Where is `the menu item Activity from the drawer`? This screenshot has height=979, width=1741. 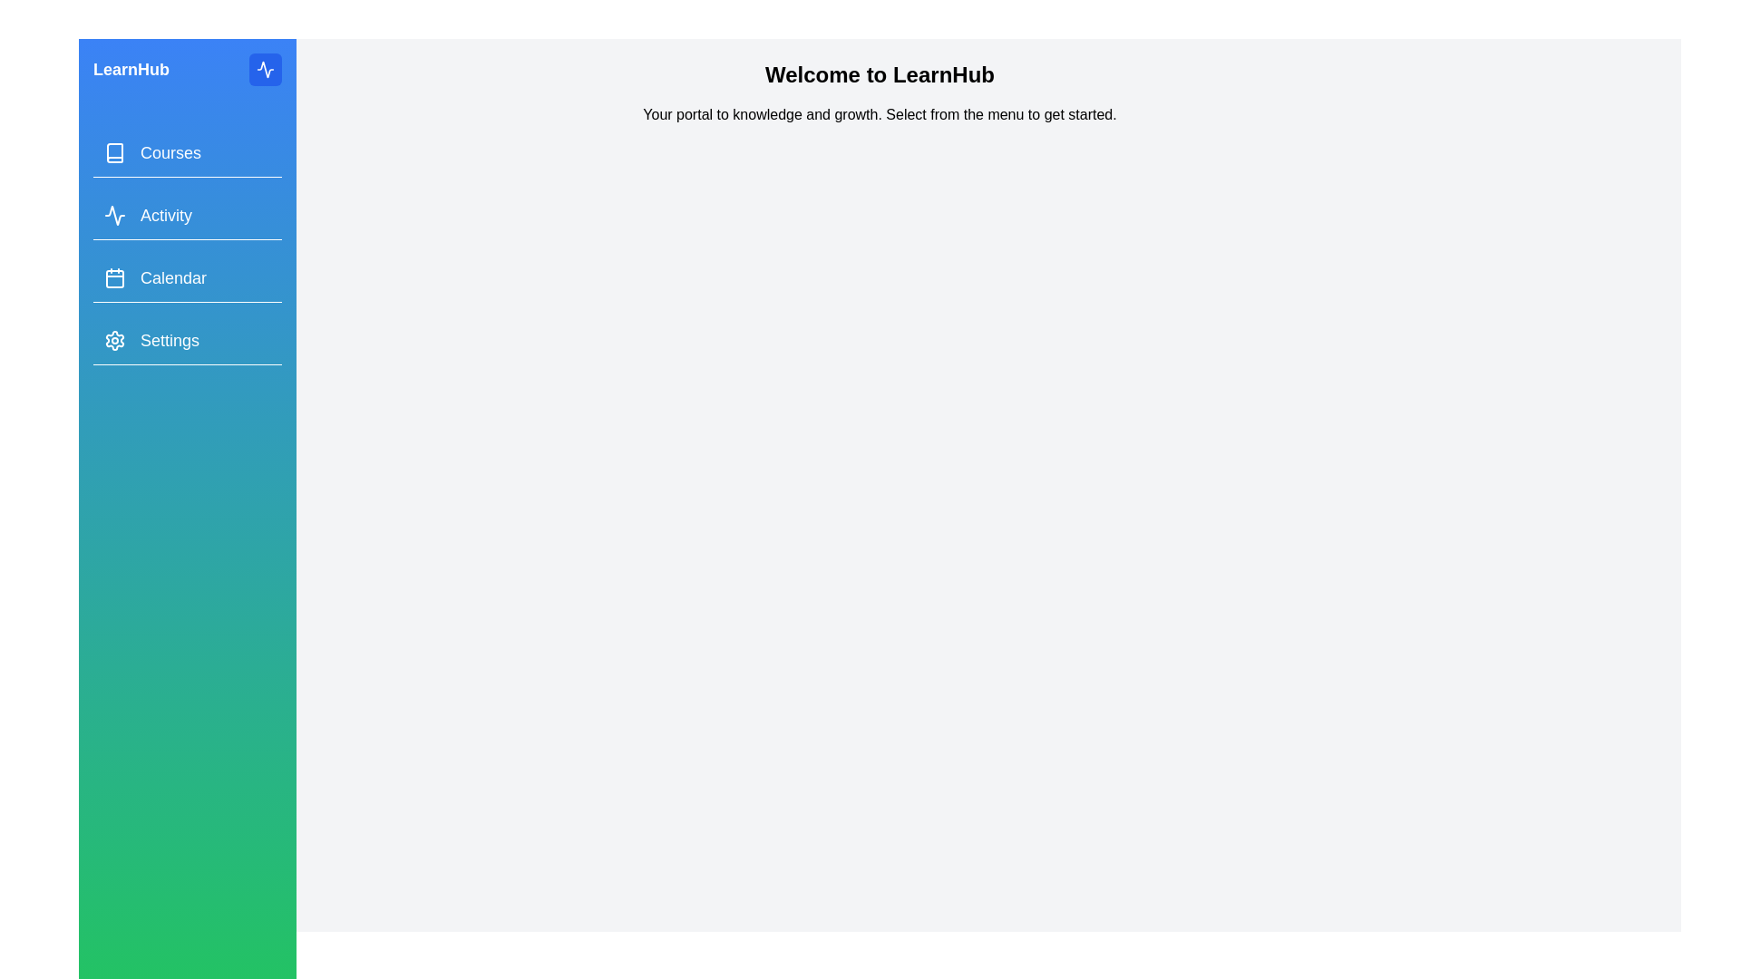 the menu item Activity from the drawer is located at coordinates (187, 215).